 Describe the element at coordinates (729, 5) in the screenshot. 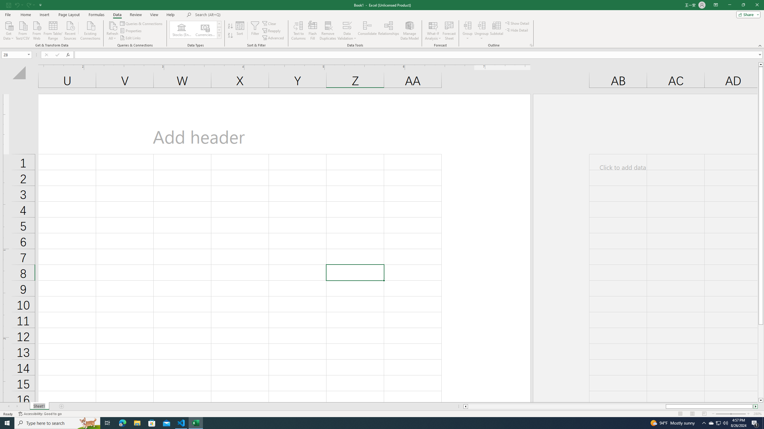

I see `'Minimize'` at that location.